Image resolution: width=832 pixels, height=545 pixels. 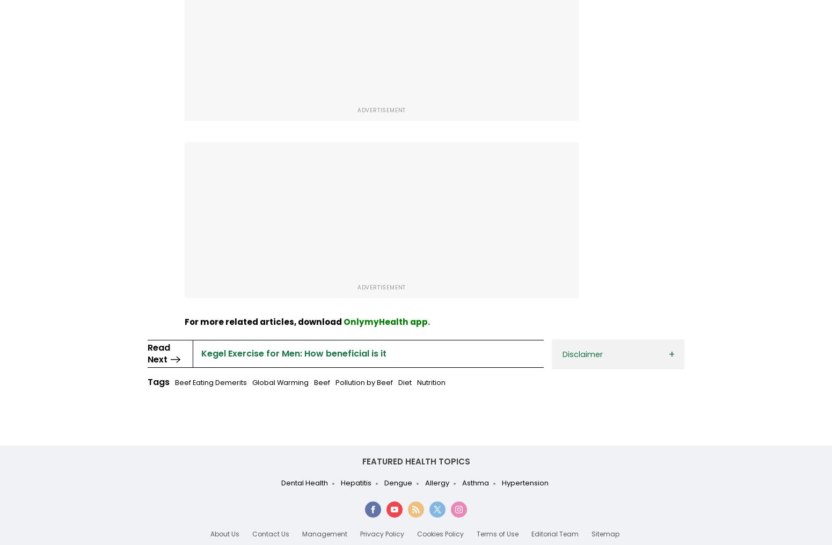 What do you see at coordinates (159, 346) in the screenshot?
I see `'Read'` at bounding box center [159, 346].